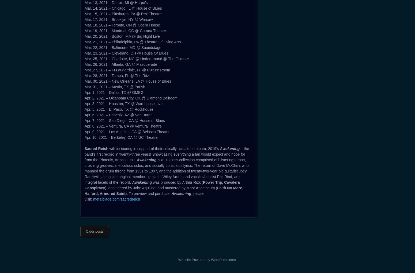  I want to click on 'See below for the complete itinerary, set for next year!', so click(129, 97).